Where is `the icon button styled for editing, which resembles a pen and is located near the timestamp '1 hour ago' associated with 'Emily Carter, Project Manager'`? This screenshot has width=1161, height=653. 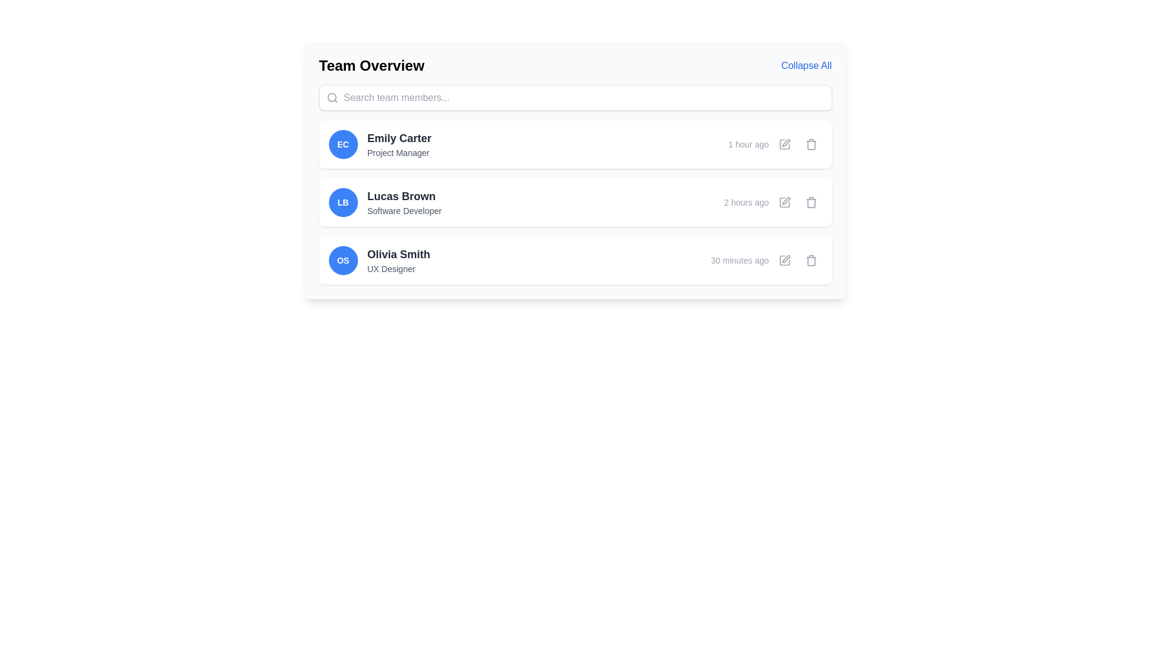
the icon button styled for editing, which resembles a pen and is located near the timestamp '1 hour ago' associated with 'Emily Carter, Project Manager' is located at coordinates (784, 144).